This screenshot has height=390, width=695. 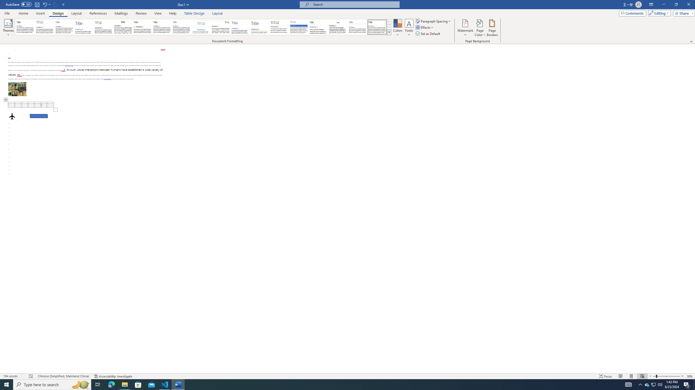 I want to click on 'Fonts', so click(x=409, y=28).